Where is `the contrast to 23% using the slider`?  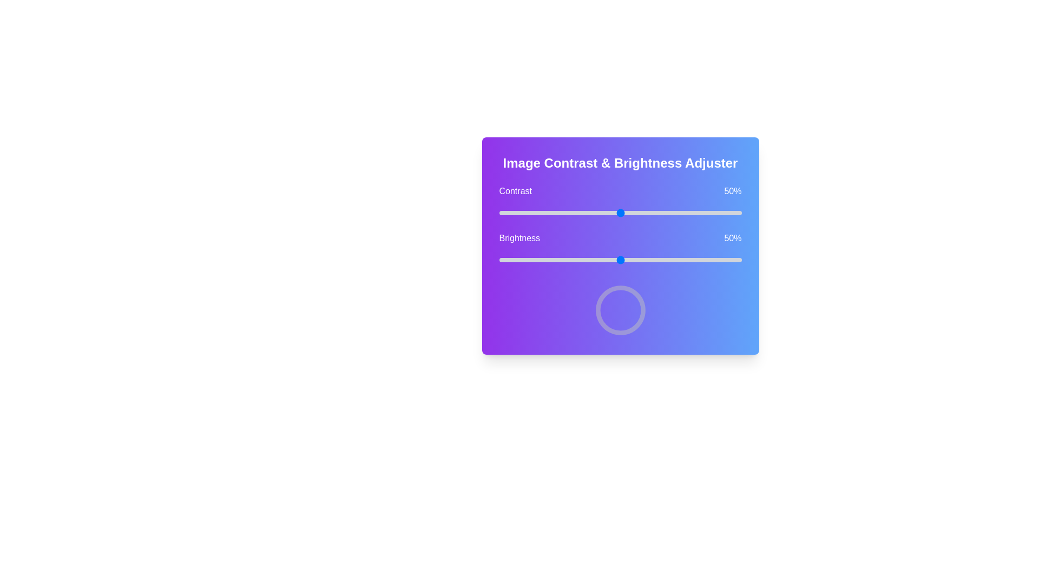 the contrast to 23% using the slider is located at coordinates (555, 213).